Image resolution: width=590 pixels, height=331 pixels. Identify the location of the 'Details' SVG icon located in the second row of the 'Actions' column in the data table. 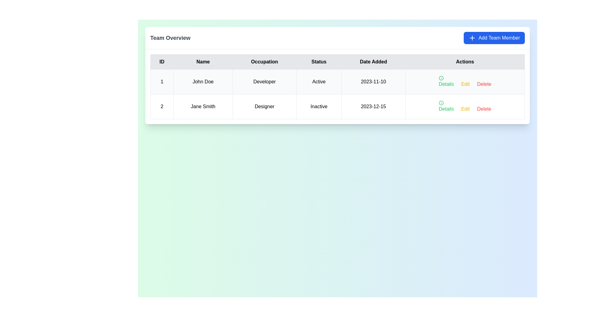
(441, 102).